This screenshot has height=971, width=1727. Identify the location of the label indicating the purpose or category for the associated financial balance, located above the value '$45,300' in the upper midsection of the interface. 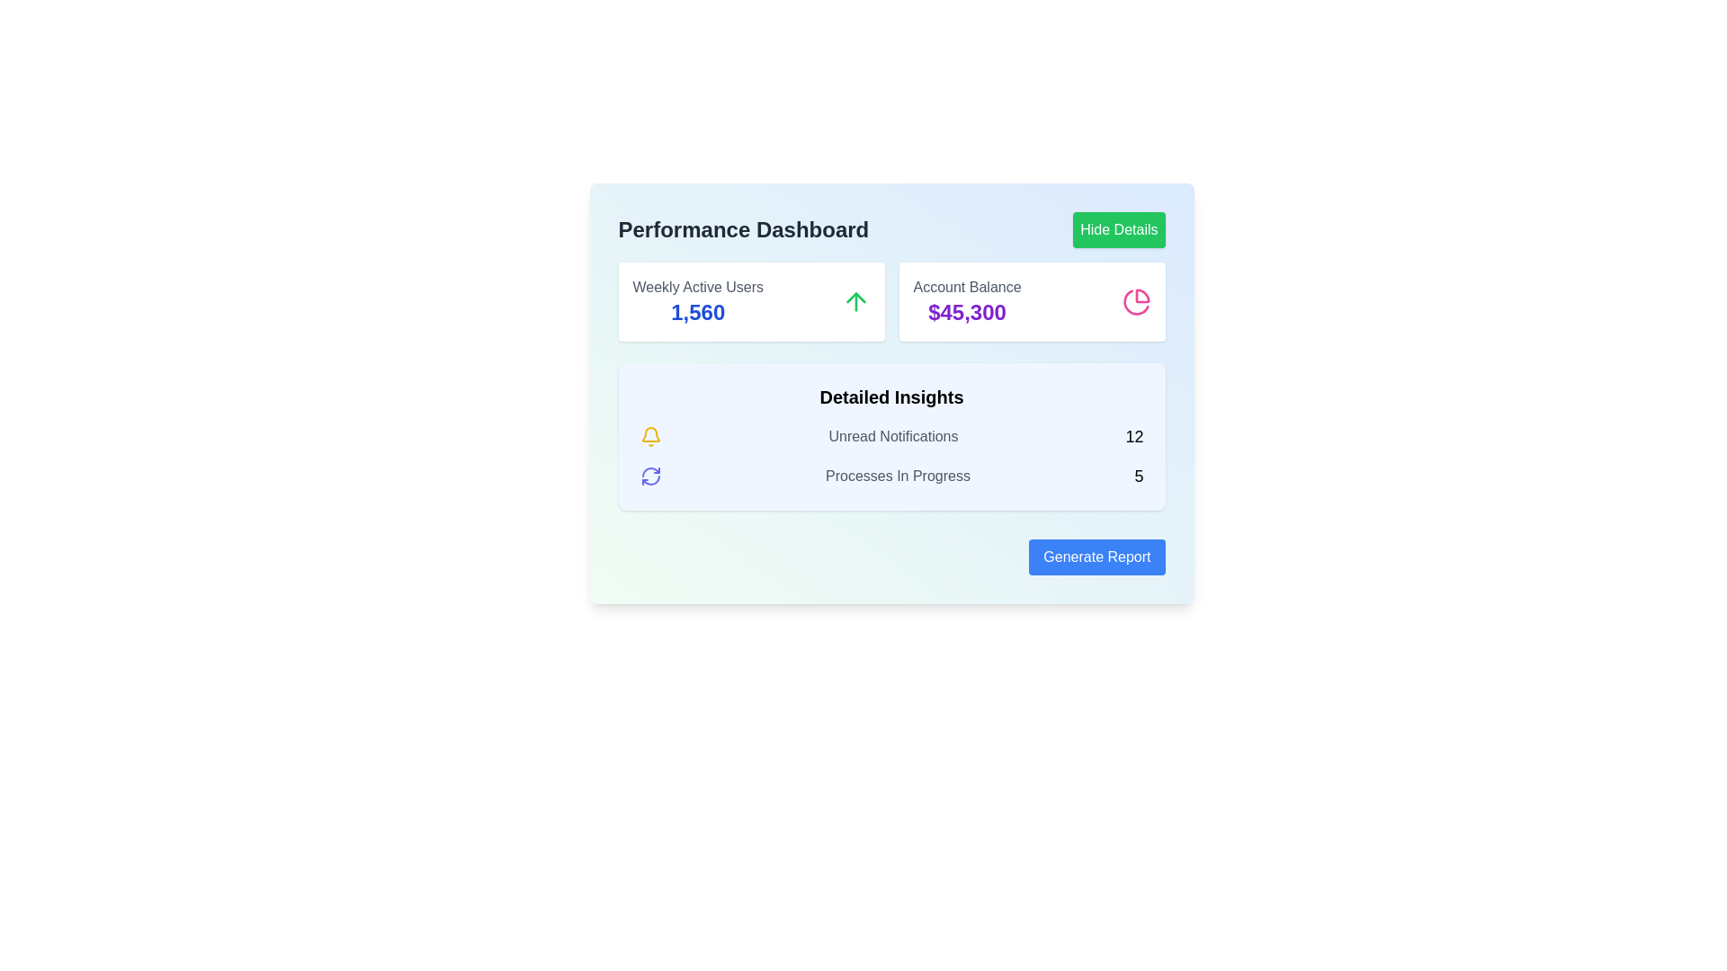
(966, 287).